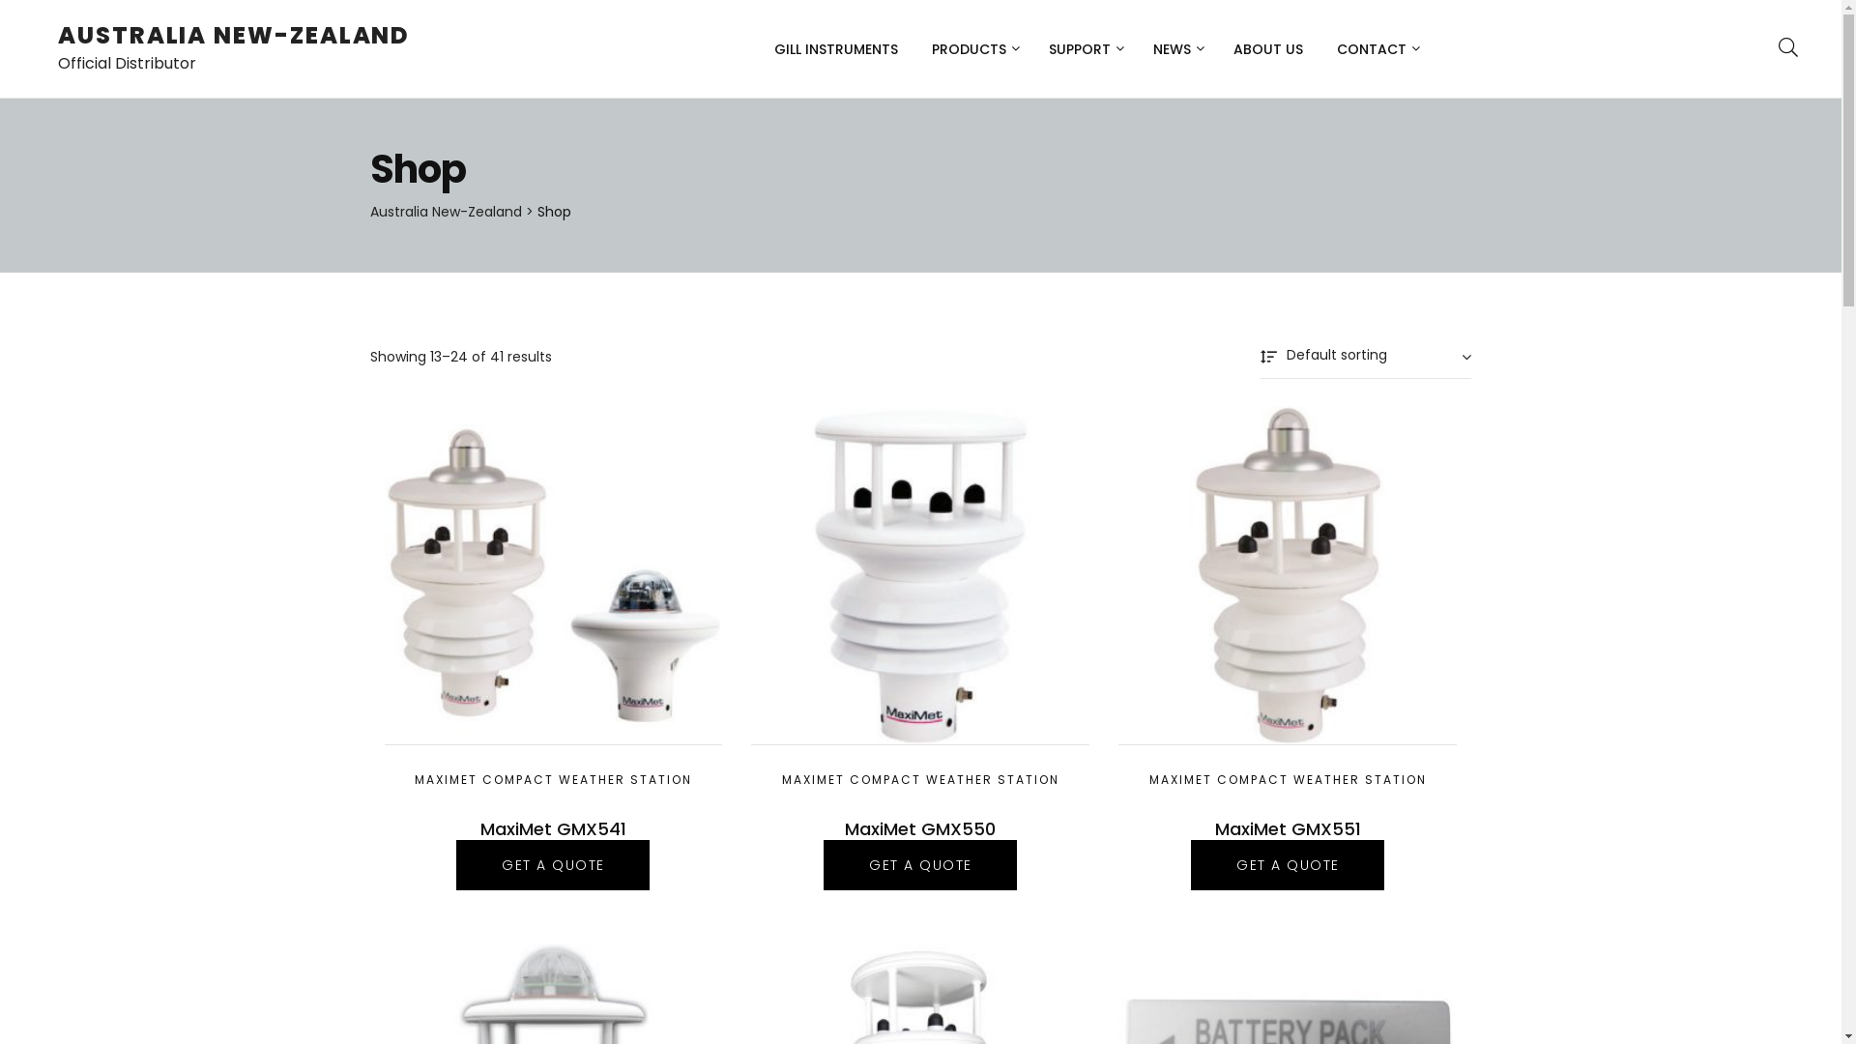 This screenshot has height=1044, width=1856. I want to click on 'MaxiMet GMX550', so click(918, 827).